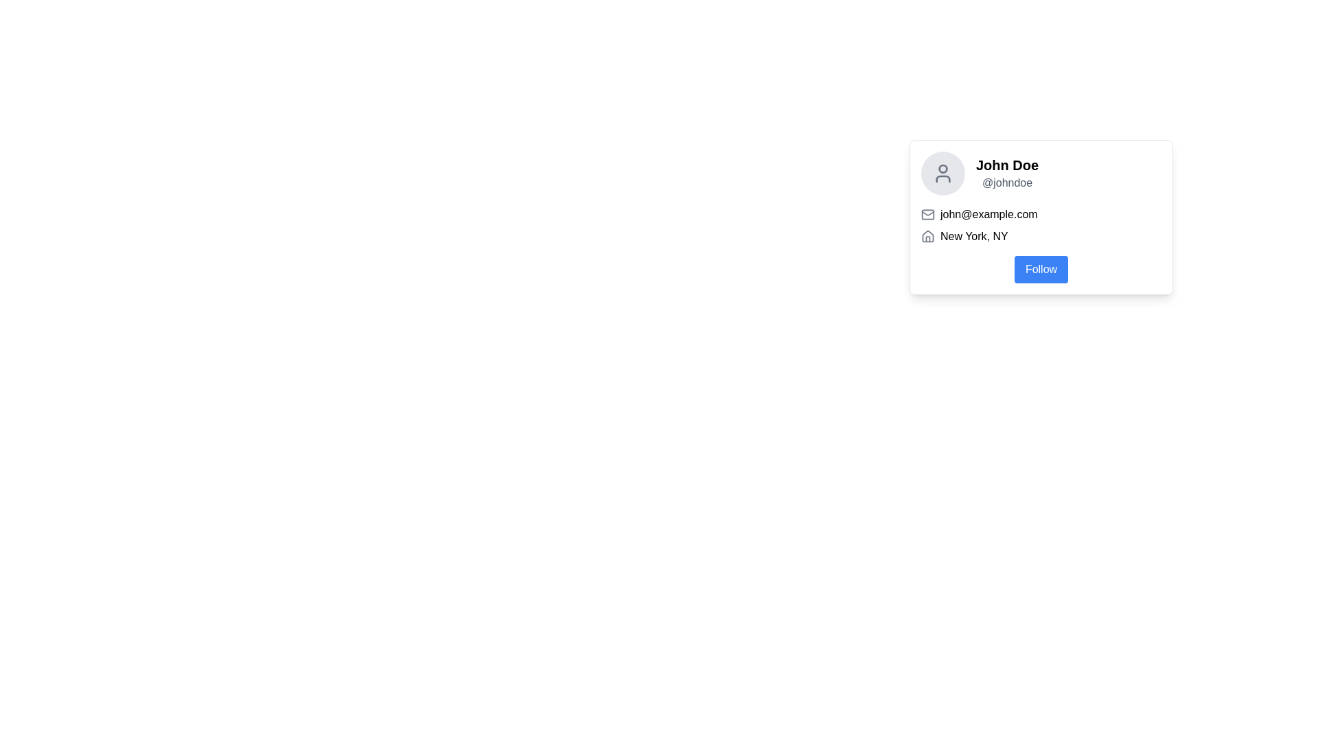  I want to click on the house icon, which is a small line-based outline in medium gray color, located to the left of the text 'New York, NY', to note the visual indication about the context it represents, so click(928, 235).